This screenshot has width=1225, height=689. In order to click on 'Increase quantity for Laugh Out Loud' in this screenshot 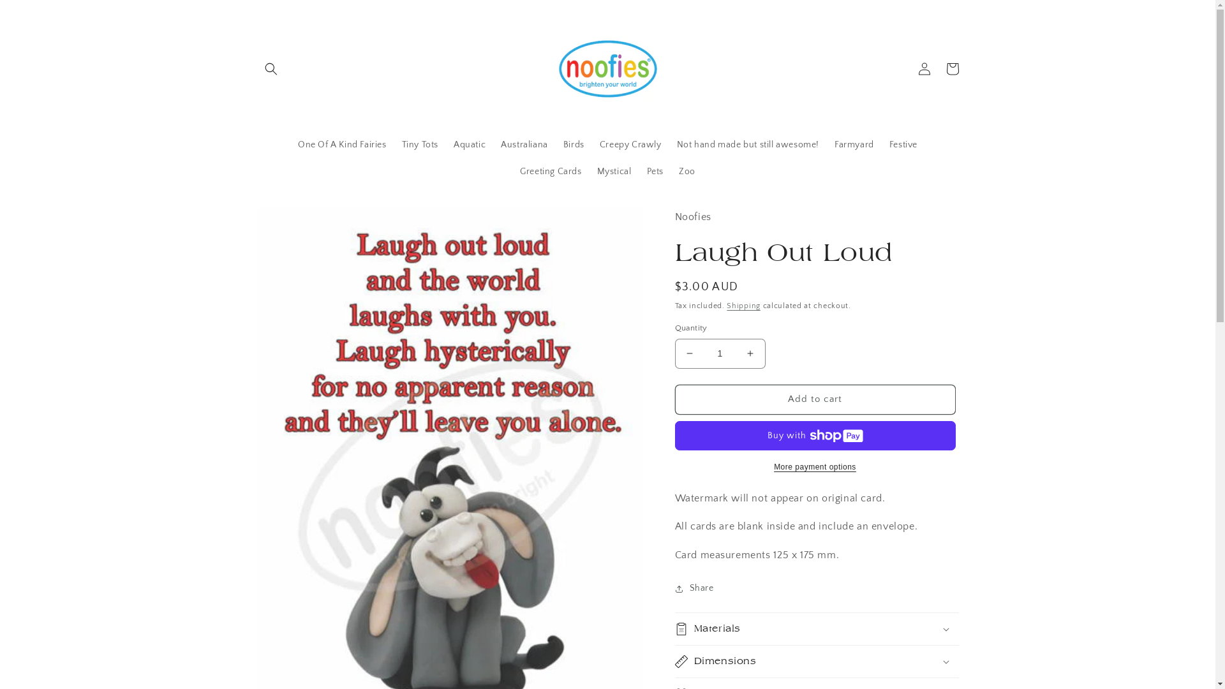, I will do `click(750, 353)`.